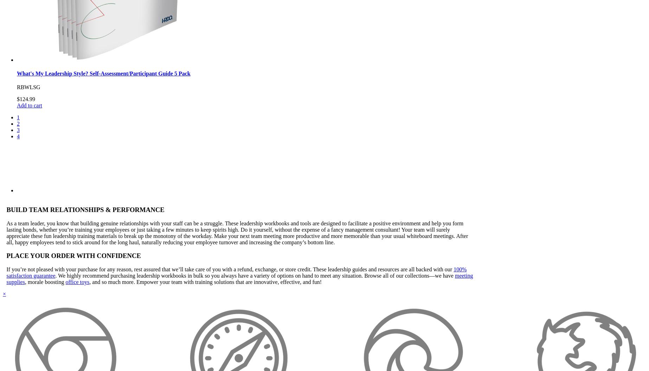 The image size is (649, 371). Describe the element at coordinates (28, 87) in the screenshot. I see `'RBWLSG'` at that location.